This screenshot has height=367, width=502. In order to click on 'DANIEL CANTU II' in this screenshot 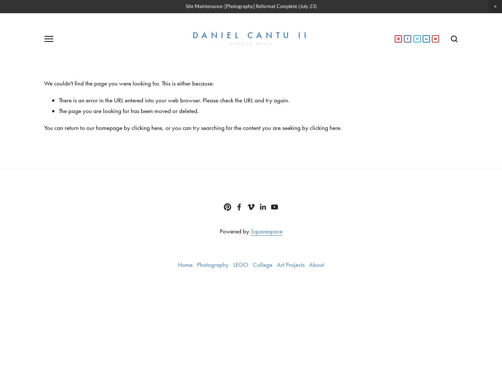, I will do `click(250, 34)`.